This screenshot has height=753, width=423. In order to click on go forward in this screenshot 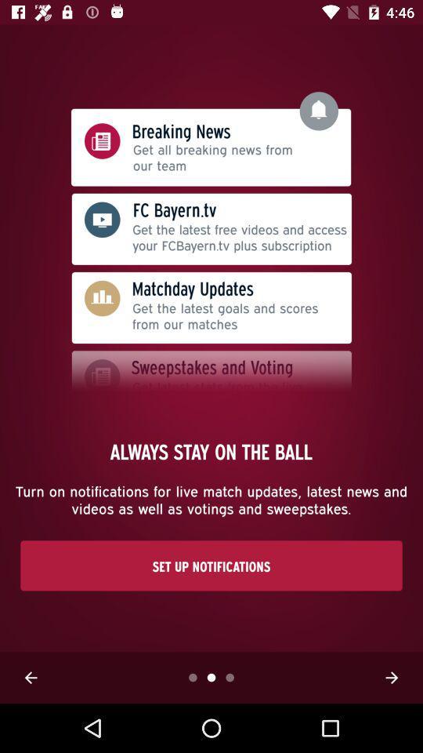, I will do `click(391, 677)`.